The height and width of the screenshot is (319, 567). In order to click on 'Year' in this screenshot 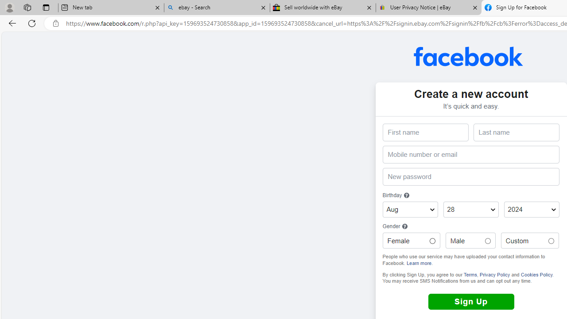, I will do `click(532, 210)`.